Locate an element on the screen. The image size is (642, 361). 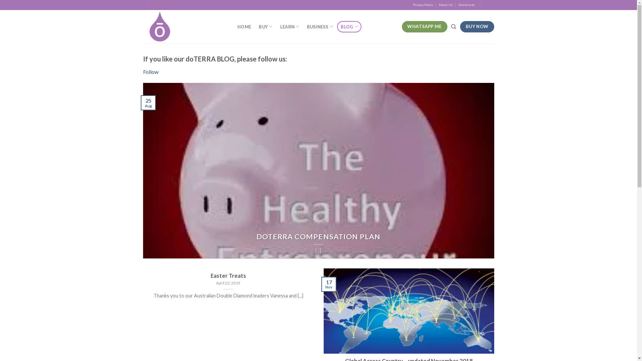
'HOME' is located at coordinates (243, 26).